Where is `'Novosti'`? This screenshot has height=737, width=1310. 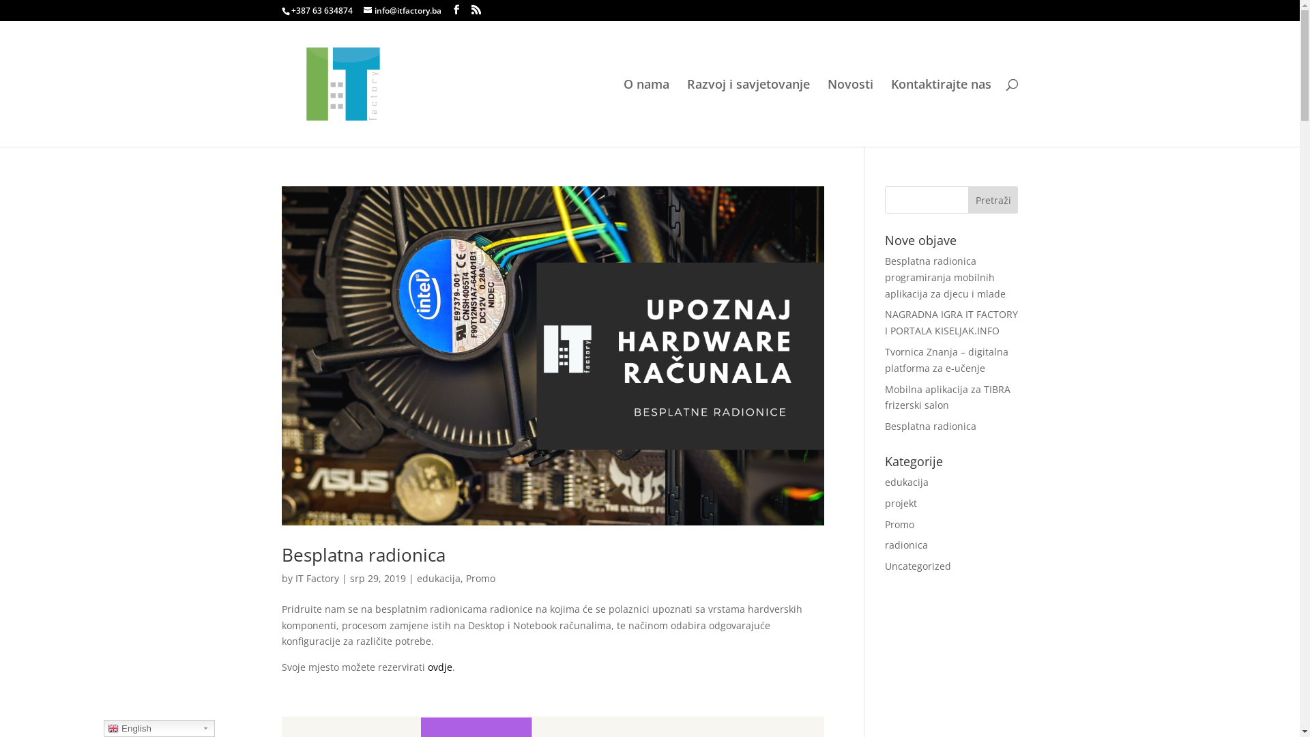 'Novosti' is located at coordinates (849, 112).